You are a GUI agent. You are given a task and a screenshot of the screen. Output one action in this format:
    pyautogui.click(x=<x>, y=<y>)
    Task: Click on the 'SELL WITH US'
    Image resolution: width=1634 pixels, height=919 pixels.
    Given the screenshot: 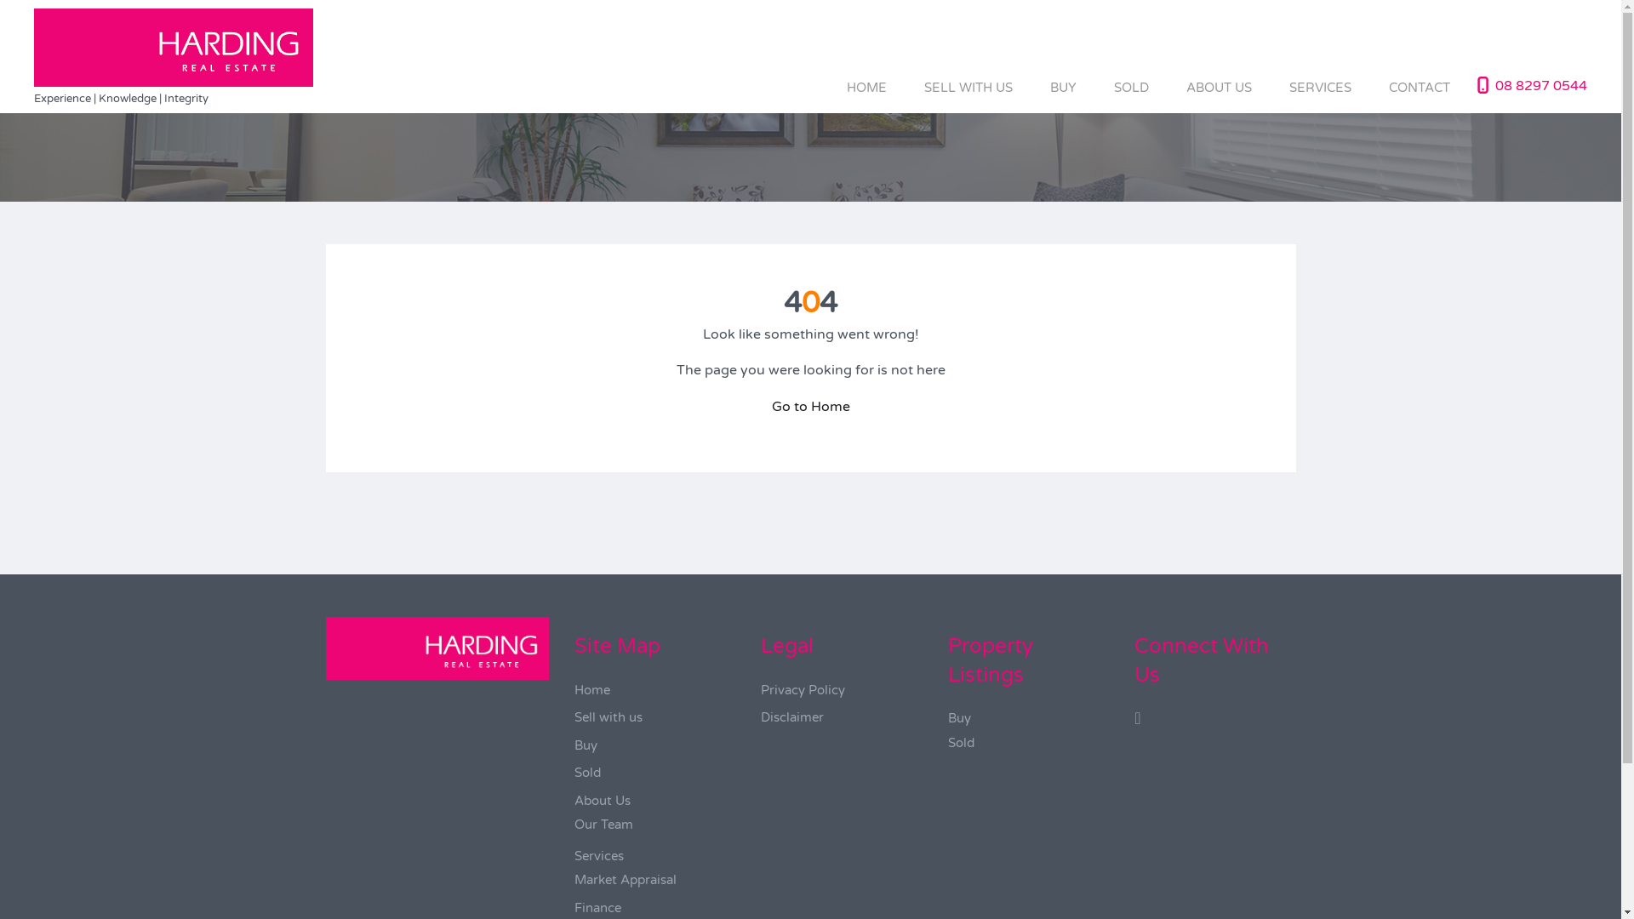 What is the action you would take?
    pyautogui.click(x=968, y=87)
    